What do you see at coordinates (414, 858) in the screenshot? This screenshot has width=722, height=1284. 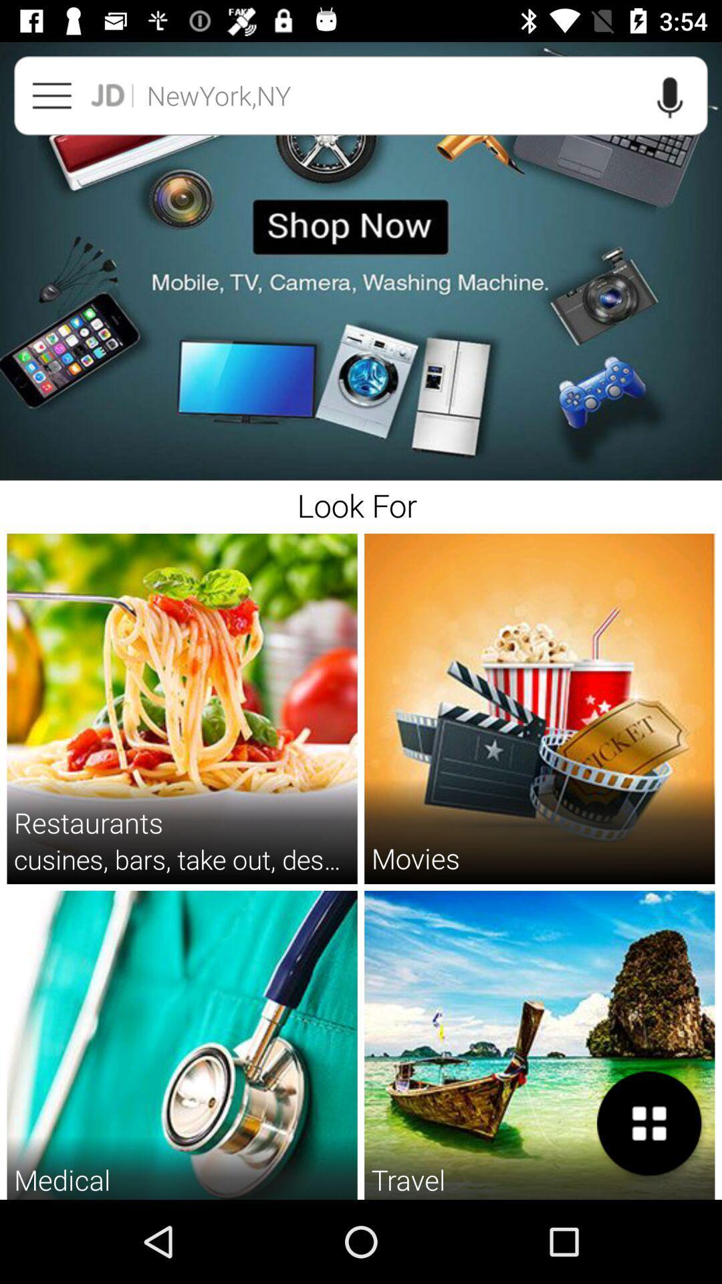 I see `movies icon` at bounding box center [414, 858].